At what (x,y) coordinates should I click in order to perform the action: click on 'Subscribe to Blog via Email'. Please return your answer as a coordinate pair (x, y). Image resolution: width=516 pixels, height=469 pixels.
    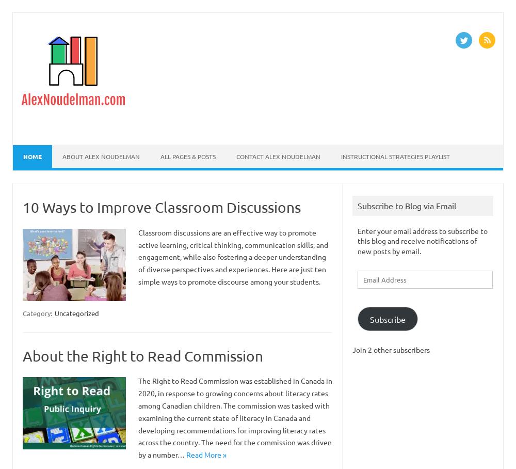
    Looking at the image, I should click on (357, 205).